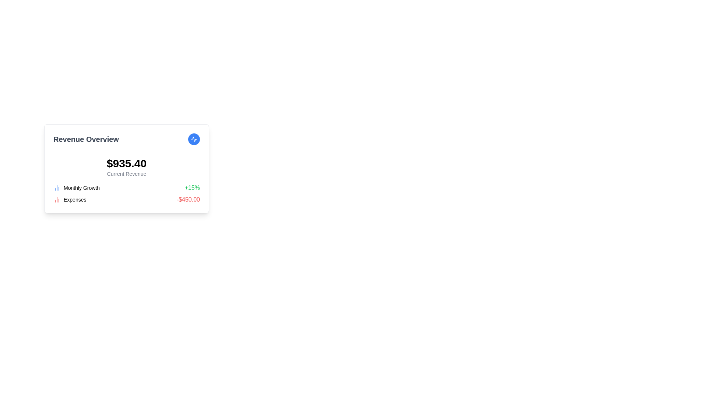 The image size is (707, 398). I want to click on the small blue bar chart icon representing the data metric for 'Monthly Growth' located to the left of the text and percentage value, so click(56, 187).